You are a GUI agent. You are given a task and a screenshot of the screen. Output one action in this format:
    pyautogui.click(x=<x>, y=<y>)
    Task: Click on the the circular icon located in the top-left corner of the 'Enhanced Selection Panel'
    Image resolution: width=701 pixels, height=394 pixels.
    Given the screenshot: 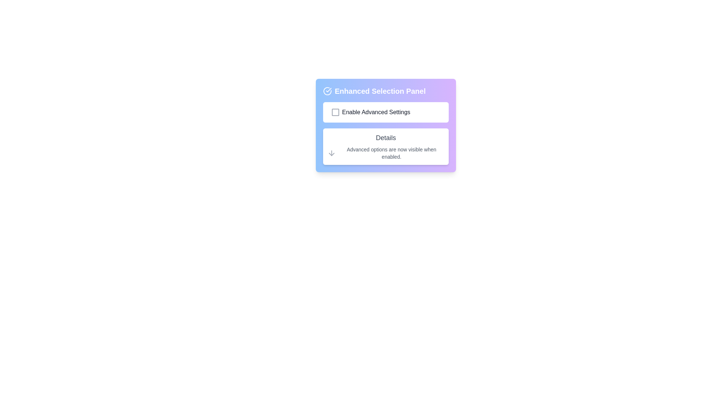 What is the action you would take?
    pyautogui.click(x=327, y=91)
    